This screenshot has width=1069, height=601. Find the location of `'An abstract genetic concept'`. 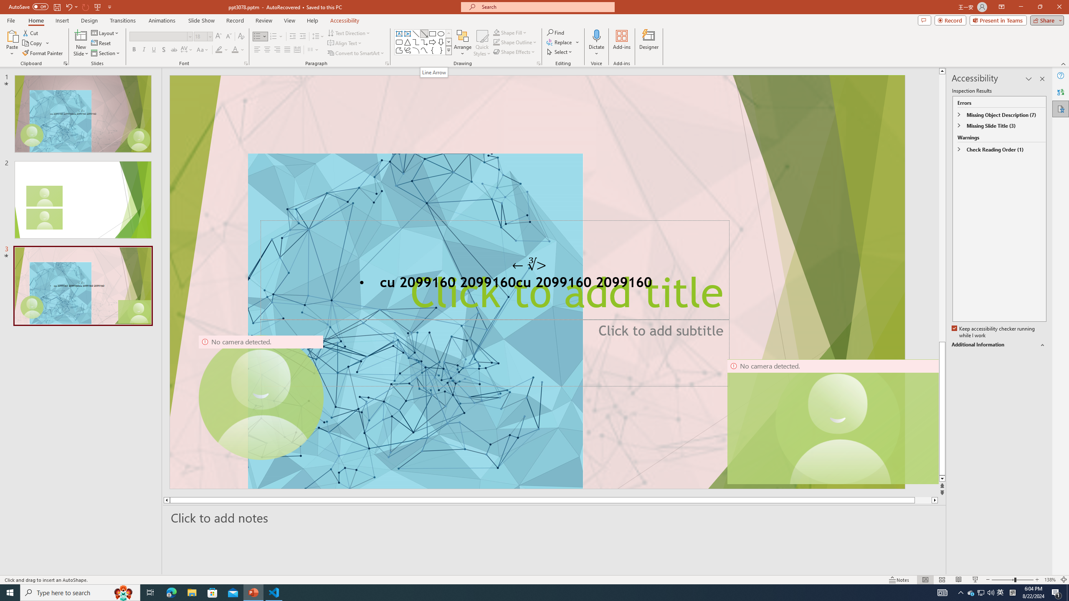

'An abstract genetic concept' is located at coordinates (537, 282).